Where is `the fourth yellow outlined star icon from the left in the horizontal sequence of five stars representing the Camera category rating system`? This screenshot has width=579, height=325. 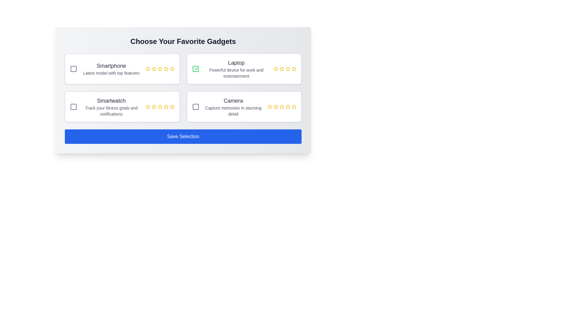 the fourth yellow outlined star icon from the left in the horizontal sequence of five stars representing the Camera category rating system is located at coordinates (288, 106).